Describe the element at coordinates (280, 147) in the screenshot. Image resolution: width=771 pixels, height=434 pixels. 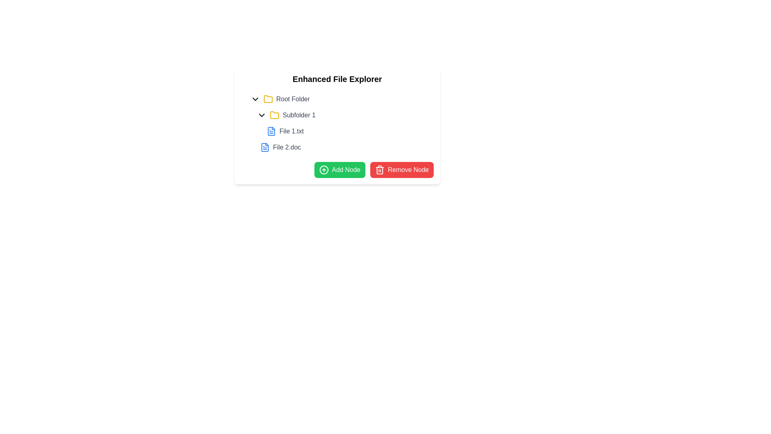
I see `the label representing the file named 'File 2.doc' in the Enhanced File Explorer` at that location.